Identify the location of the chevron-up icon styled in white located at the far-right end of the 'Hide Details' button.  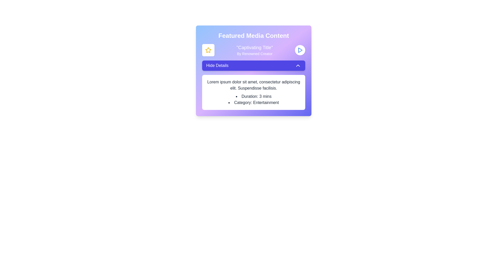
(298, 65).